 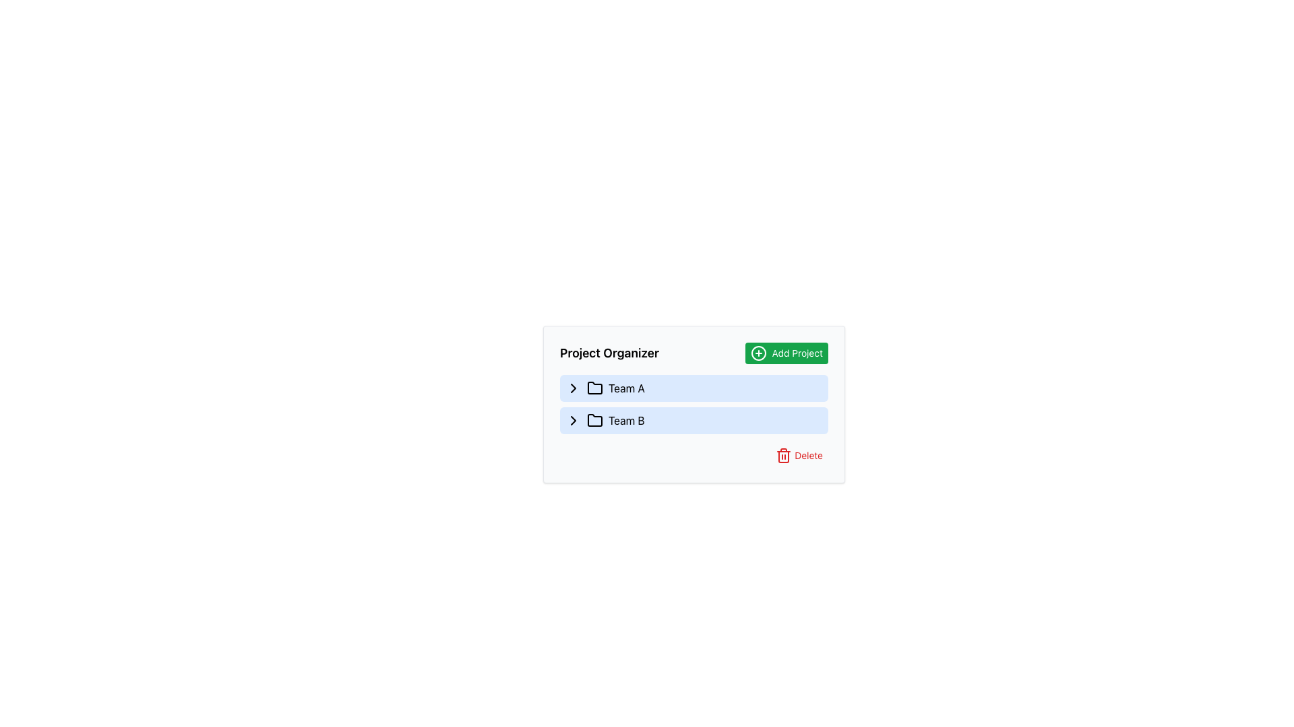 What do you see at coordinates (594, 388) in the screenshot?
I see `the second folder icon in the 'Team A' section, which indicates its hierarchical structure or contents` at bounding box center [594, 388].